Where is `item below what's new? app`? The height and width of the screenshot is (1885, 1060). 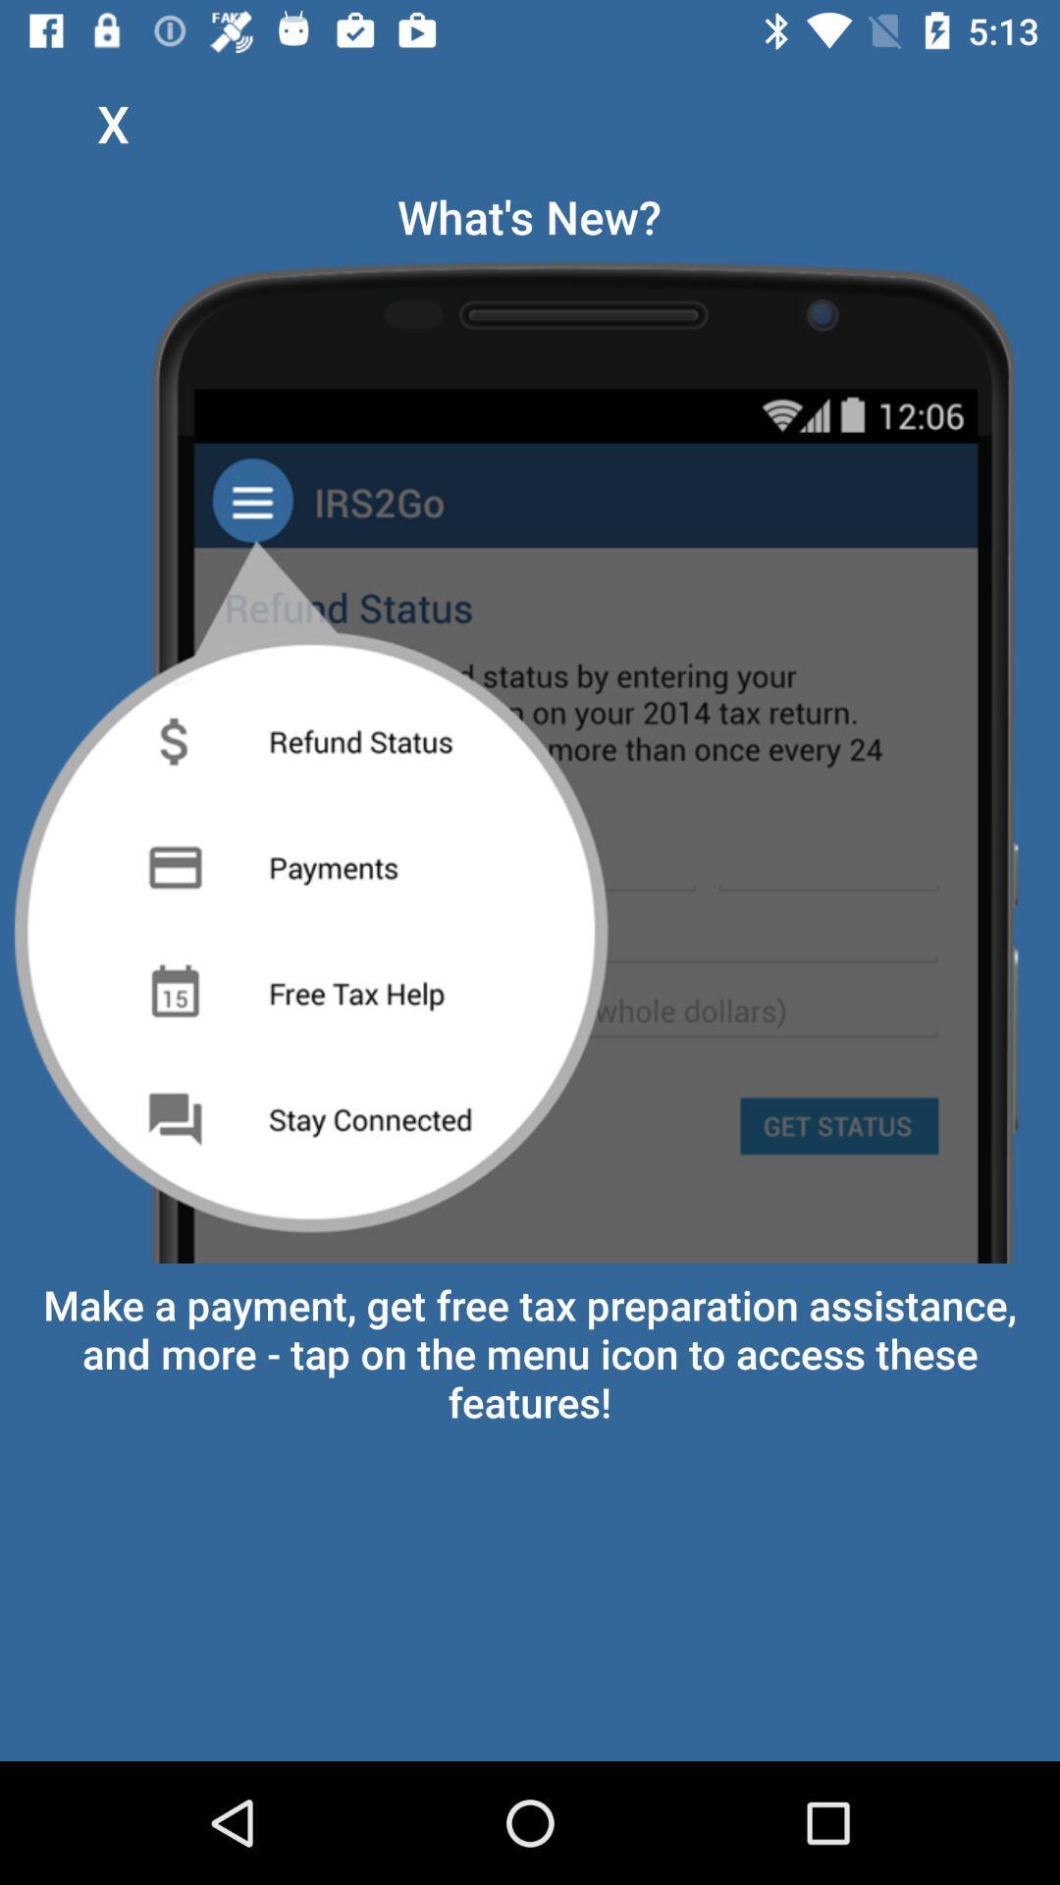 item below what's new? app is located at coordinates (530, 754).